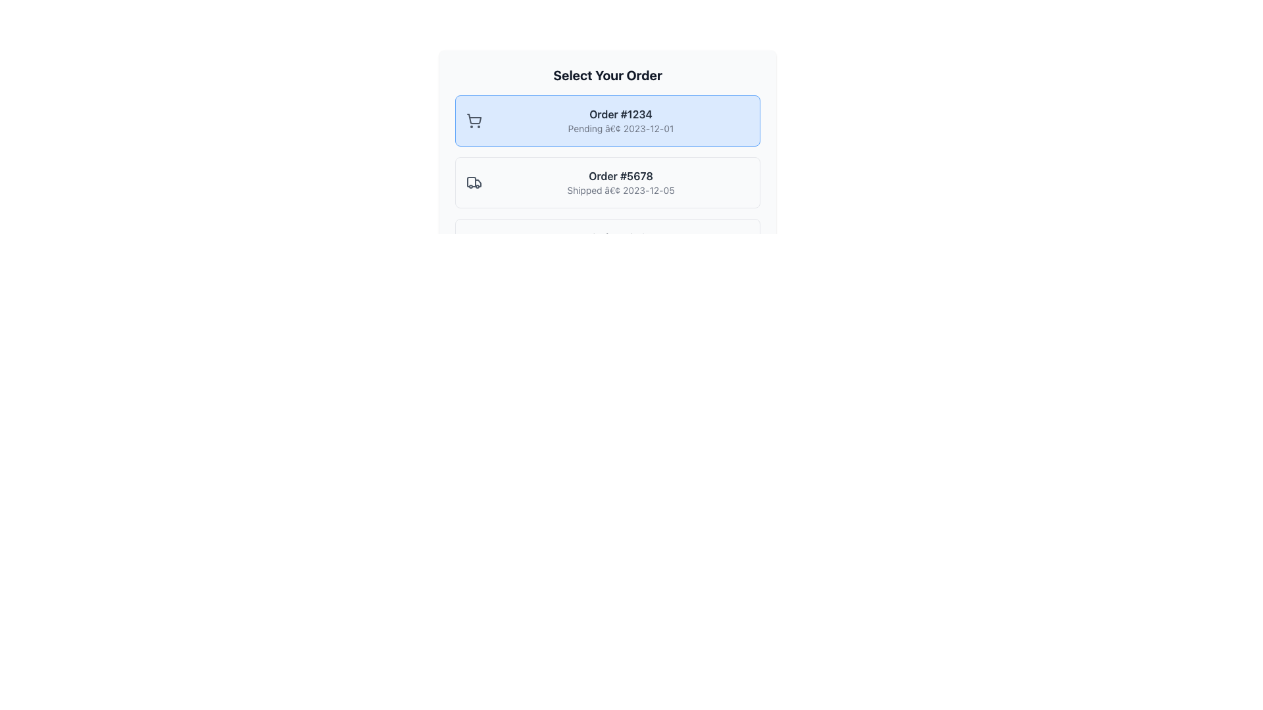 The height and width of the screenshot is (710, 1263). Describe the element at coordinates (620, 129) in the screenshot. I see `status text indicating 'Pending' and the date '2023-12-01' located beneath 'Order #1234' in the order details card` at that location.